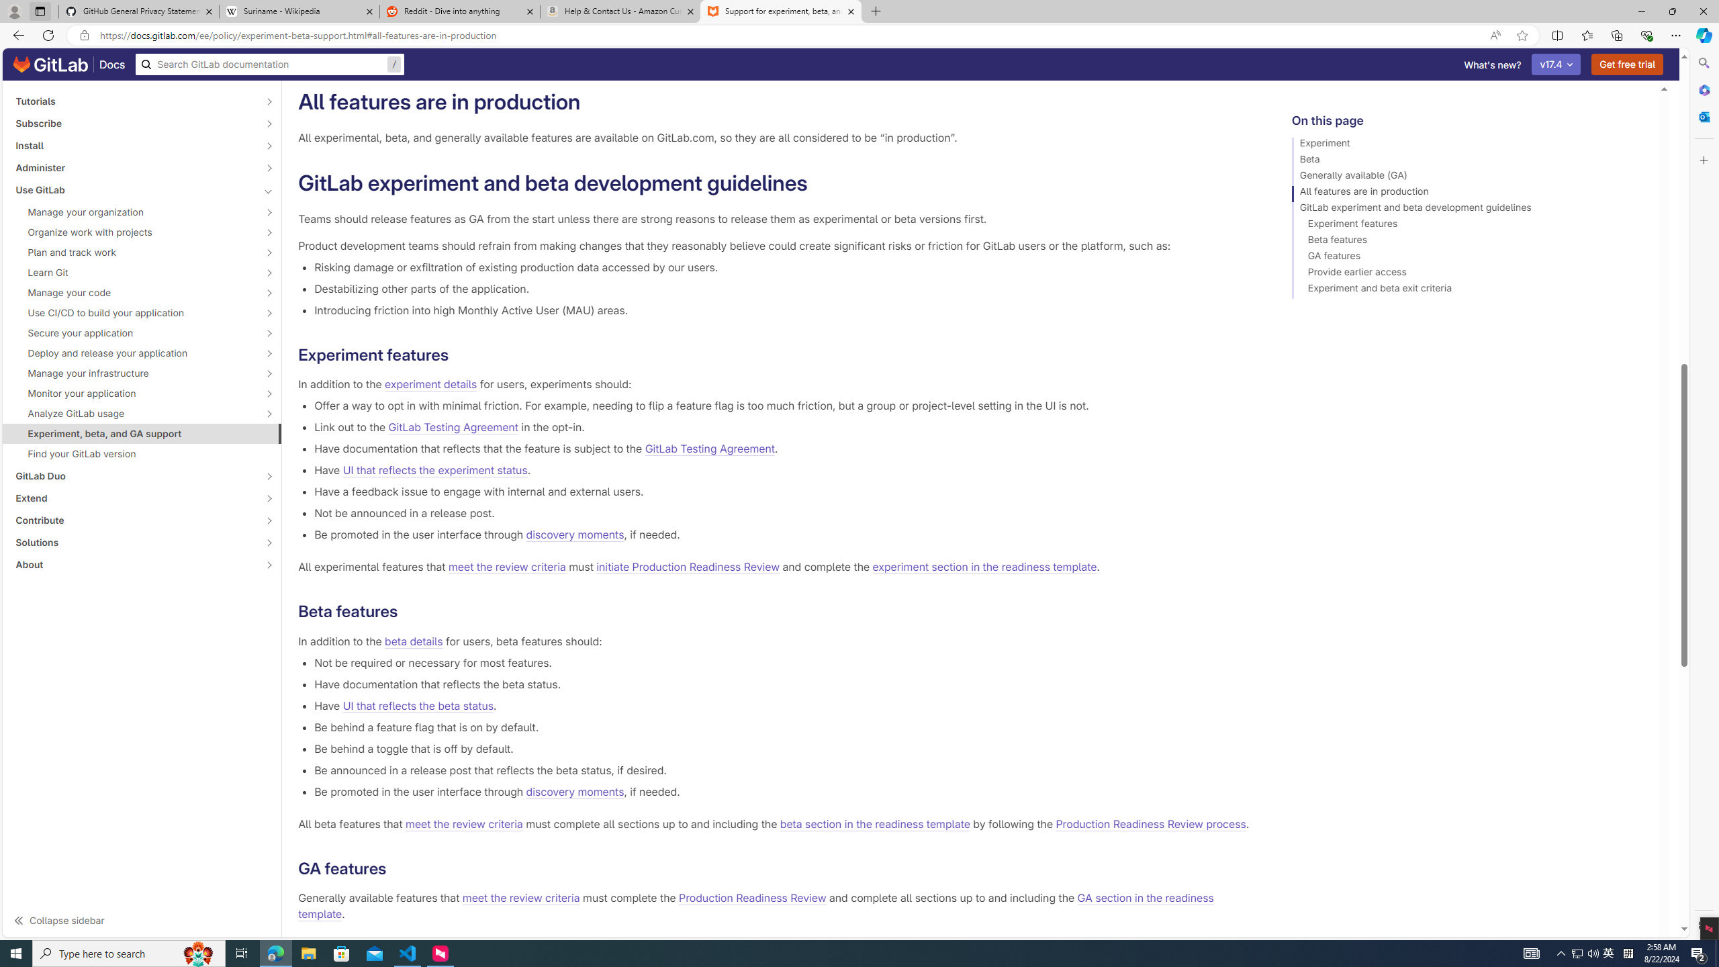  What do you see at coordinates (134, 232) in the screenshot?
I see `'Organize work with projects'` at bounding box center [134, 232].